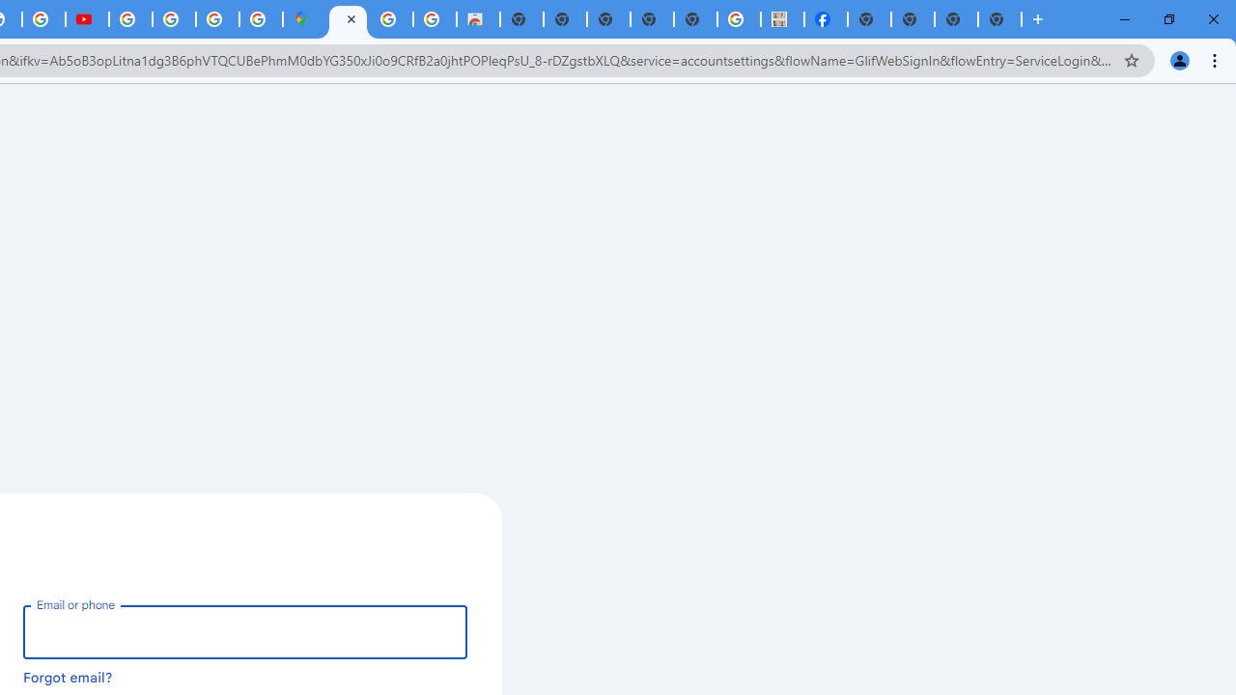 This screenshot has width=1236, height=695. What do you see at coordinates (86, 19) in the screenshot?
I see `'Subscriptions - YouTube'` at bounding box center [86, 19].